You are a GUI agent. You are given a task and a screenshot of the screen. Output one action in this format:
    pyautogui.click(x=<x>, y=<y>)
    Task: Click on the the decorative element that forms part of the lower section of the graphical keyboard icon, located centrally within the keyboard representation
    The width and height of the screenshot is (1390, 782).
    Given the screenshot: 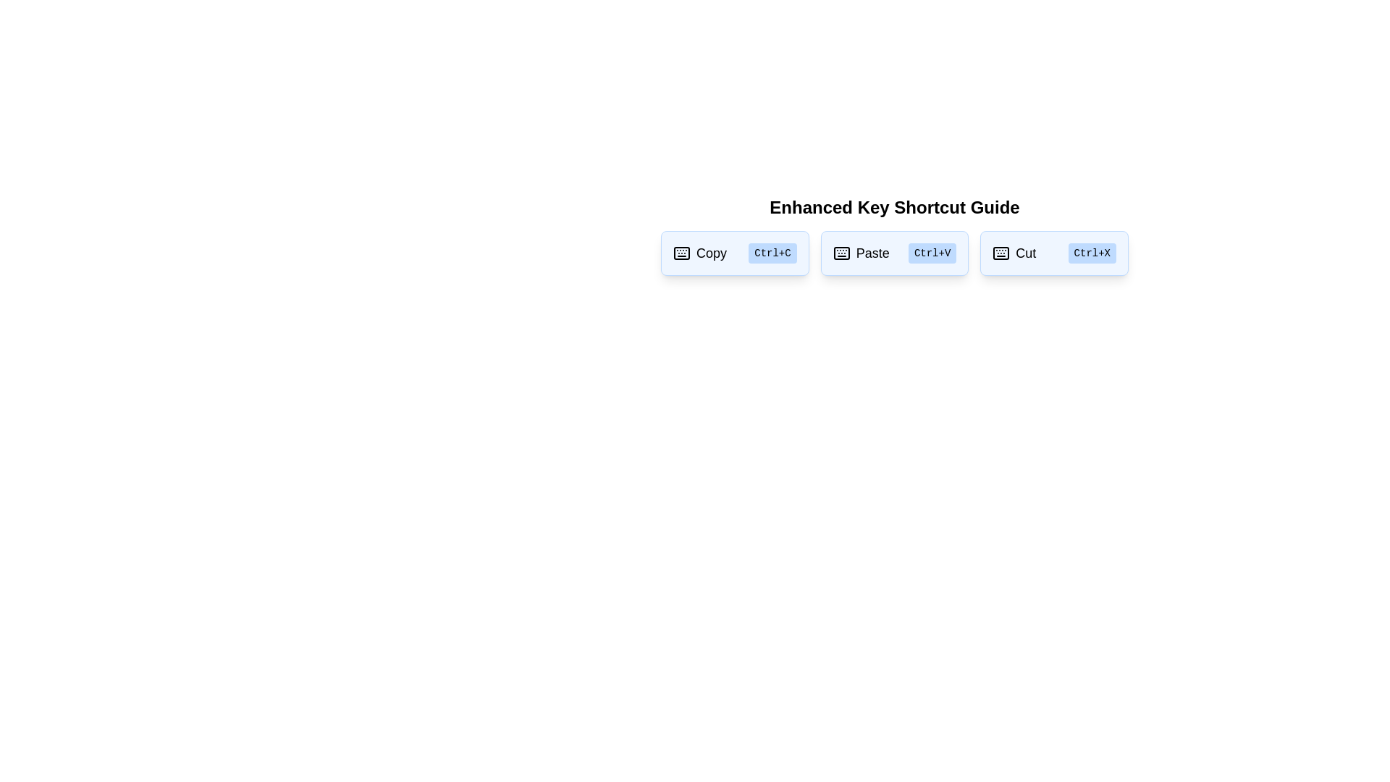 What is the action you would take?
    pyautogui.click(x=841, y=253)
    